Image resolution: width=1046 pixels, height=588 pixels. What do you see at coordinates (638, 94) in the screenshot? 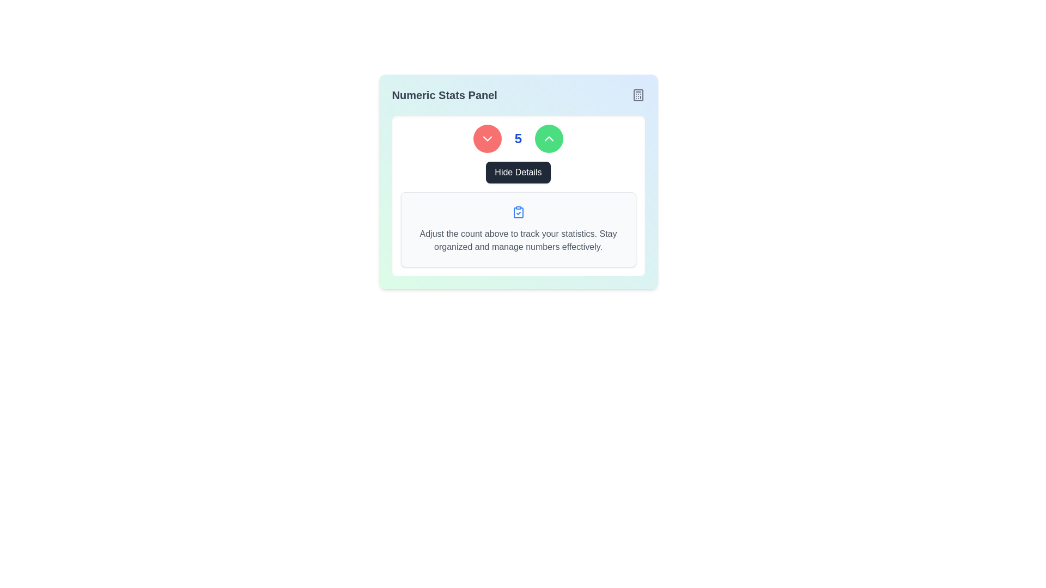
I see `the largest rectangular component of the calculator icon within the SVG, which contributes to its visual identity` at bounding box center [638, 94].